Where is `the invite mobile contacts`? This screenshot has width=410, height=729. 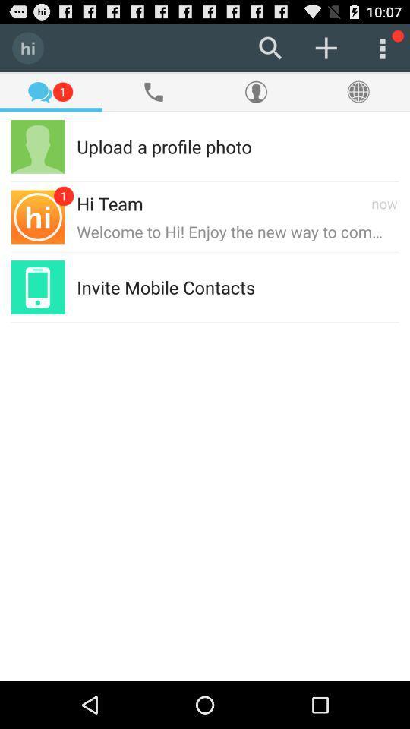
the invite mobile contacts is located at coordinates (165, 286).